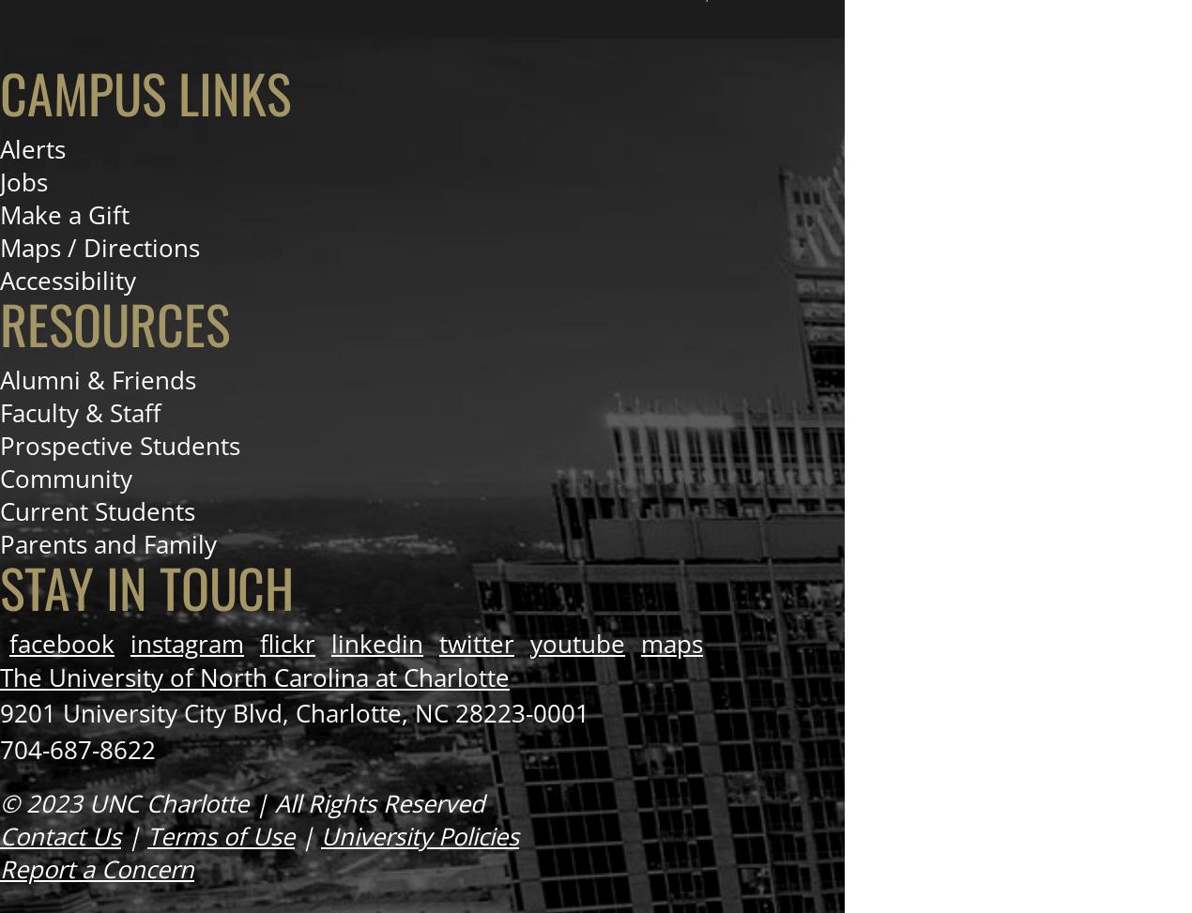  Describe the element at coordinates (115, 323) in the screenshot. I see `'Resources'` at that location.